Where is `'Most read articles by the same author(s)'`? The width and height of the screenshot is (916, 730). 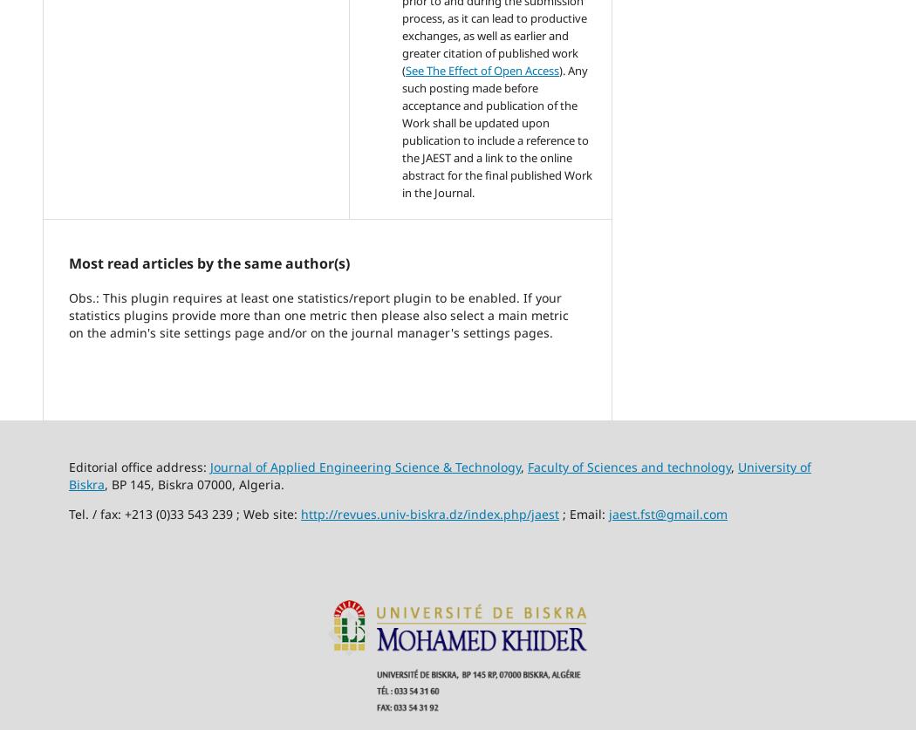 'Most read articles by the same author(s)' is located at coordinates (209, 263).